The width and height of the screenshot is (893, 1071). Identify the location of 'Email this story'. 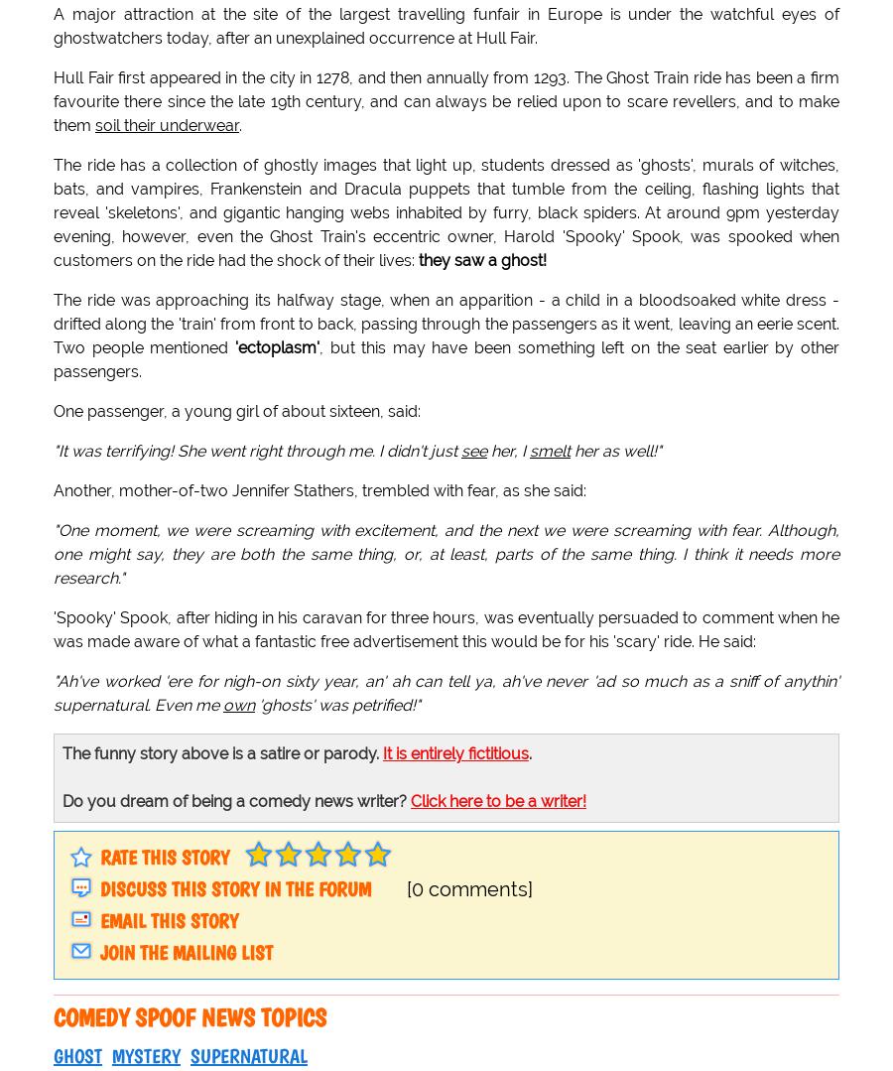
(169, 921).